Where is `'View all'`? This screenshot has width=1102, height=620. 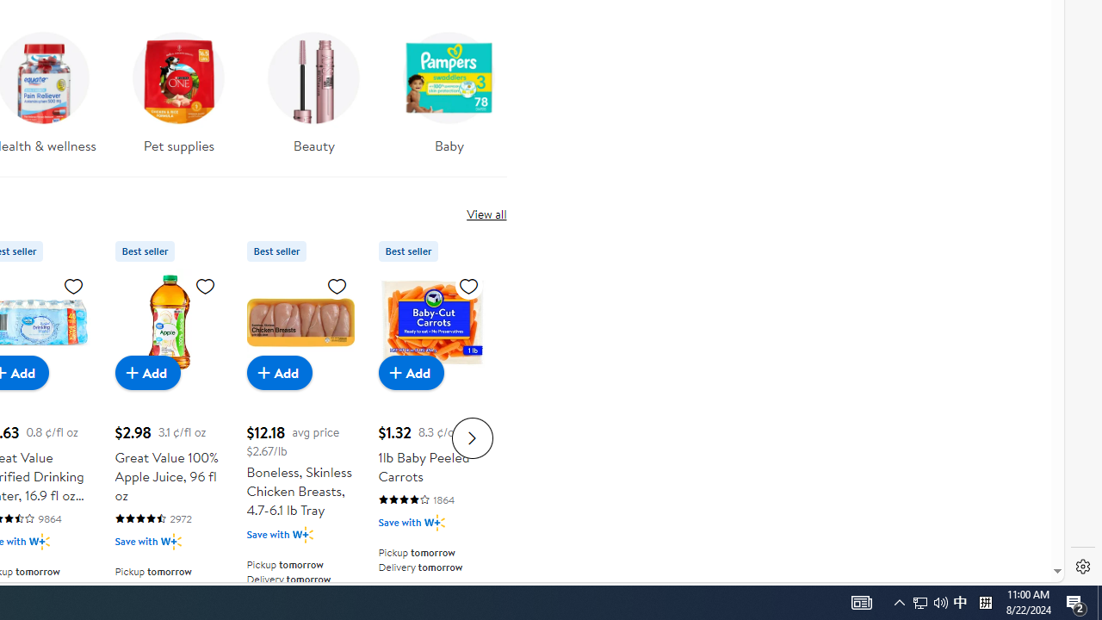 'View all' is located at coordinates (486, 213).